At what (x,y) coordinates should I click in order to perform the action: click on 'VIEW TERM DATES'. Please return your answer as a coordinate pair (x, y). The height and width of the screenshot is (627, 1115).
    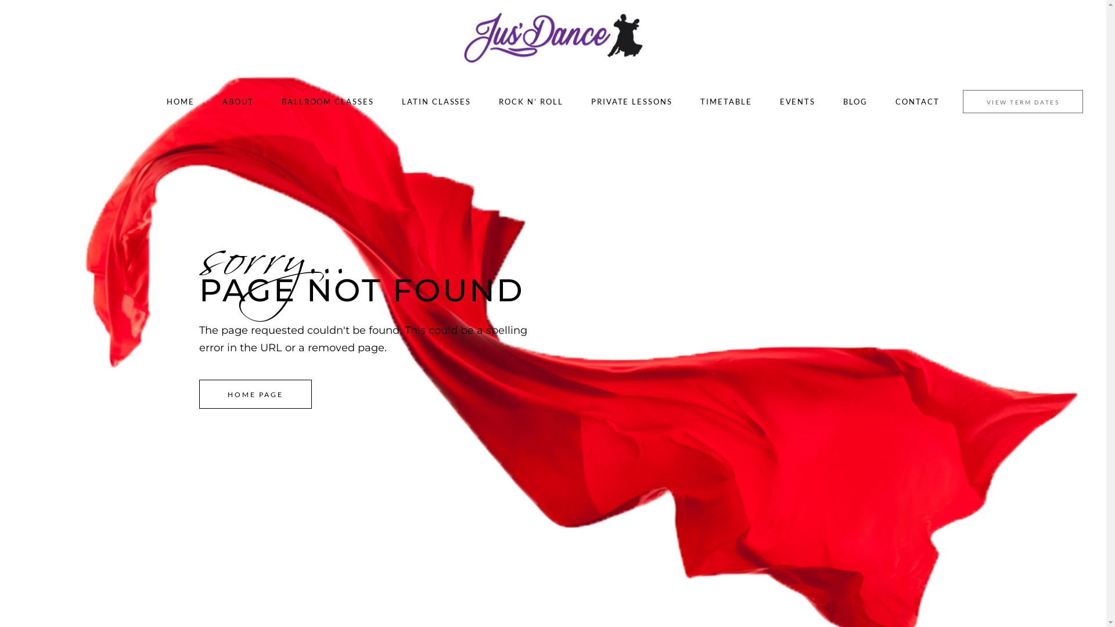
    Looking at the image, I should click on (1023, 100).